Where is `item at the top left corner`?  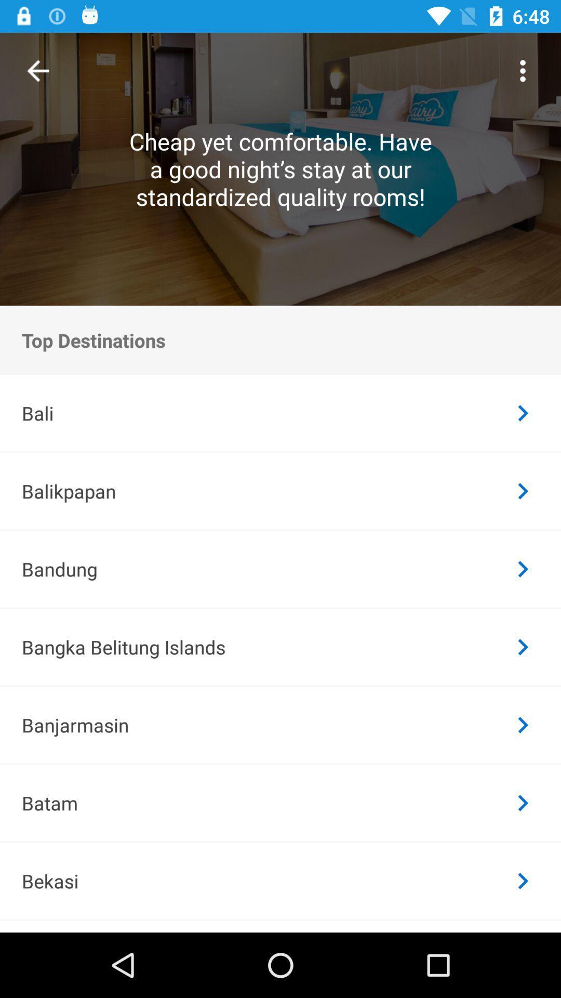 item at the top left corner is located at coordinates (37, 70).